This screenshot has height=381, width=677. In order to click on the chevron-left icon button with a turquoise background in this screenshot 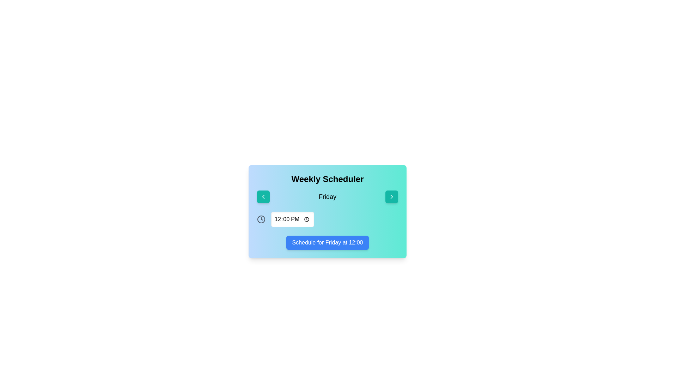, I will do `click(263, 197)`.